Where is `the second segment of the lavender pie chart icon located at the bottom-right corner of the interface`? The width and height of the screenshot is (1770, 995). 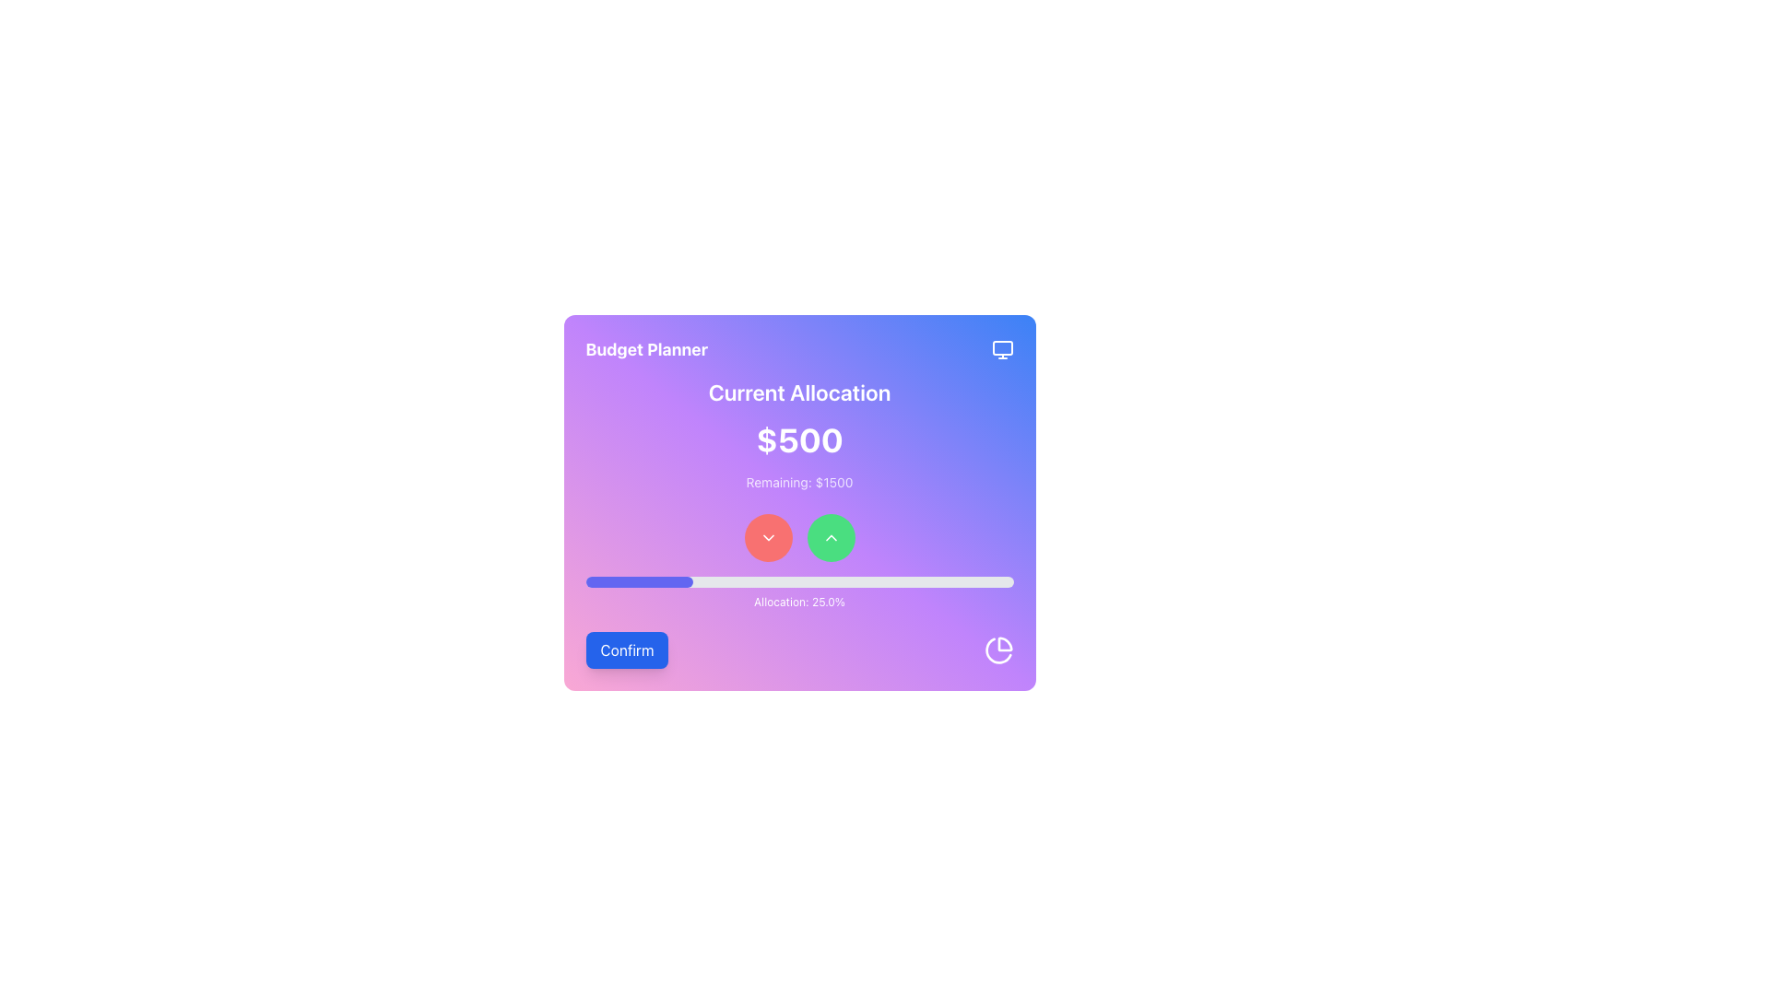 the second segment of the lavender pie chart icon located at the bottom-right corner of the interface is located at coordinates (997, 650).